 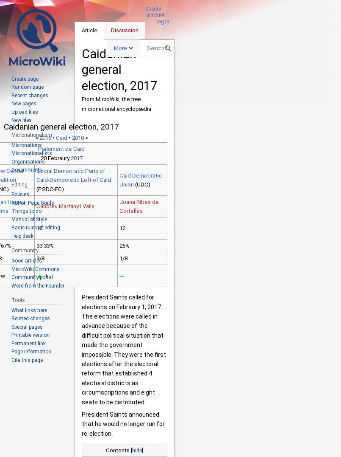 What do you see at coordinates (42, 275) in the screenshot?
I see `'1'` at bounding box center [42, 275].